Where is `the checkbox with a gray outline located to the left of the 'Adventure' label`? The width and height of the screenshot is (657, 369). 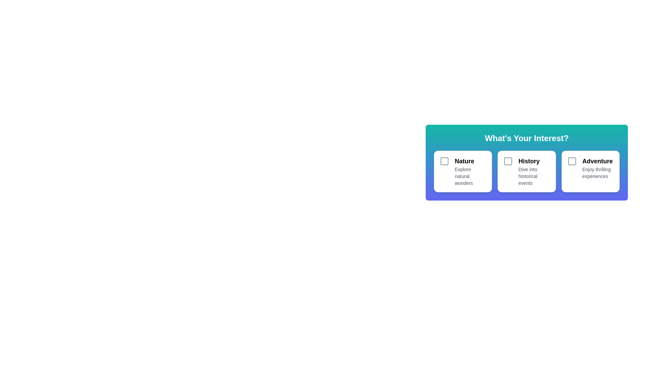 the checkbox with a gray outline located to the left of the 'Adventure' label is located at coordinates (572, 161).